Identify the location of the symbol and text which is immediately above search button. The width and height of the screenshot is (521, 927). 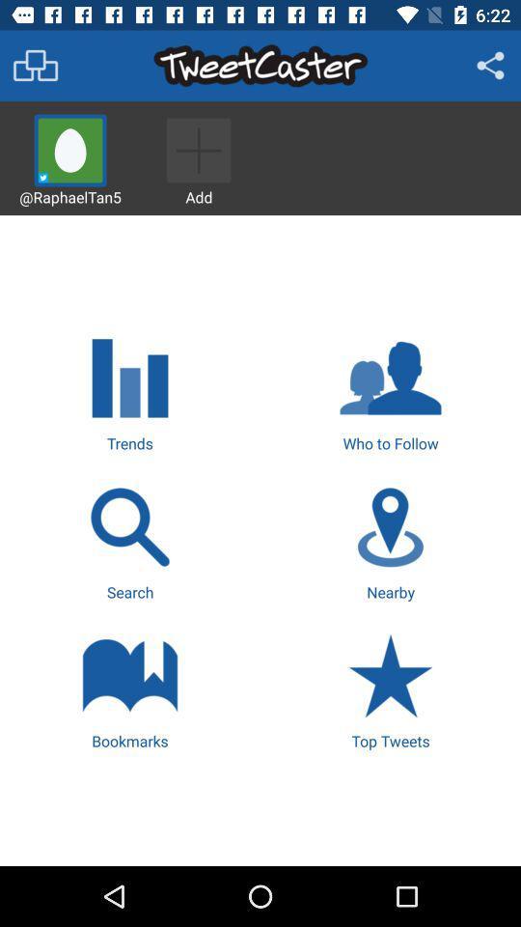
(130, 390).